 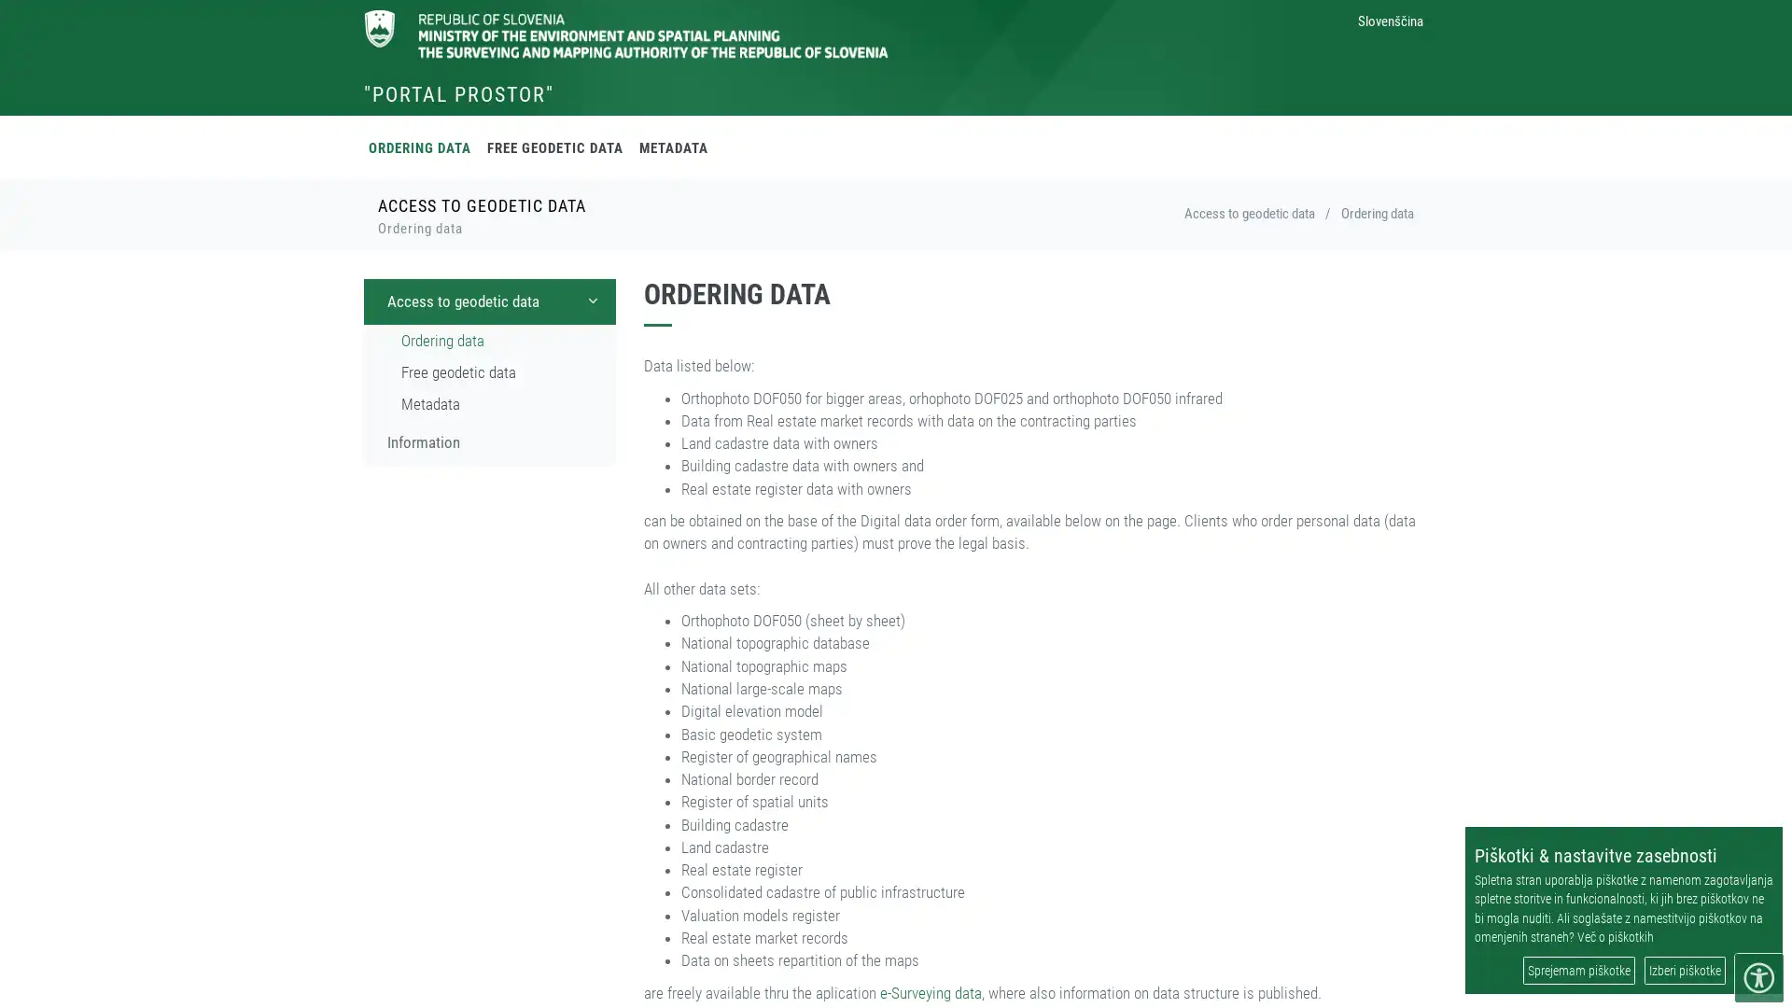 What do you see at coordinates (1758, 977) in the screenshot?
I see `meni dostopnosti` at bounding box center [1758, 977].